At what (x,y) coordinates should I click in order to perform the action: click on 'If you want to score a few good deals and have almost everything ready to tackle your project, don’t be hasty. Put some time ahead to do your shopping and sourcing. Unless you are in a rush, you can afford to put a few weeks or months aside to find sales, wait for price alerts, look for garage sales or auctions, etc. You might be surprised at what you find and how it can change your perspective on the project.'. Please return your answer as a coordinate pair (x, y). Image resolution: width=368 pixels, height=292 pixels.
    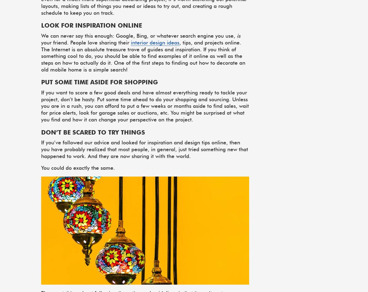
    Looking at the image, I should click on (145, 105).